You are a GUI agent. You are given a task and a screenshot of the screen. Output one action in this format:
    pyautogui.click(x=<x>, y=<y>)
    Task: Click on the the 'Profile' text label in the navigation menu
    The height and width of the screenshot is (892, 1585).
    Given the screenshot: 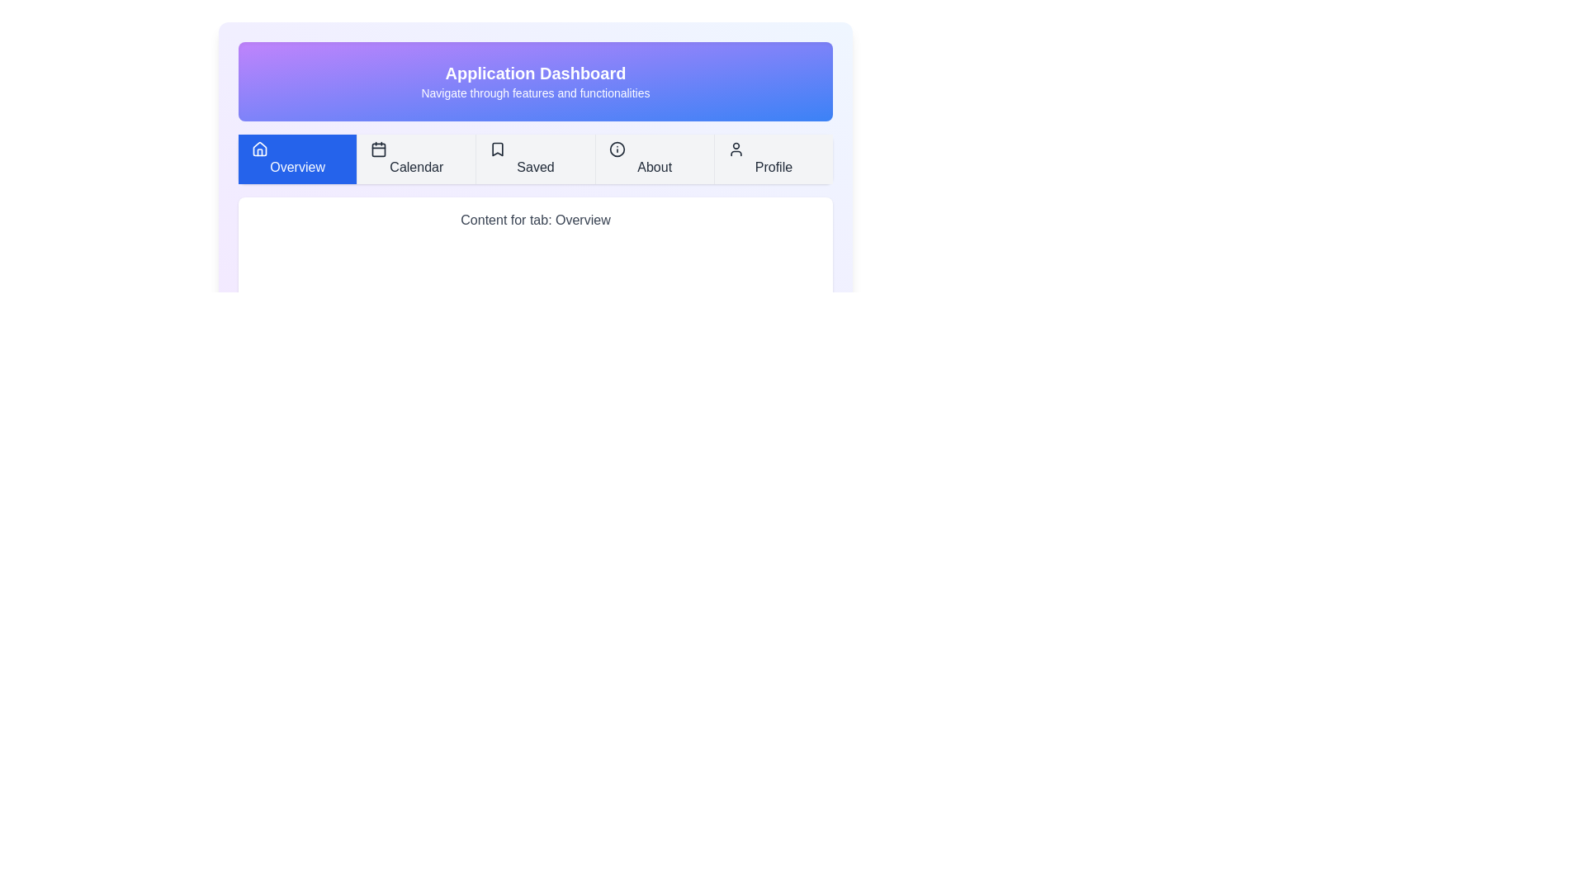 What is the action you would take?
    pyautogui.click(x=773, y=167)
    